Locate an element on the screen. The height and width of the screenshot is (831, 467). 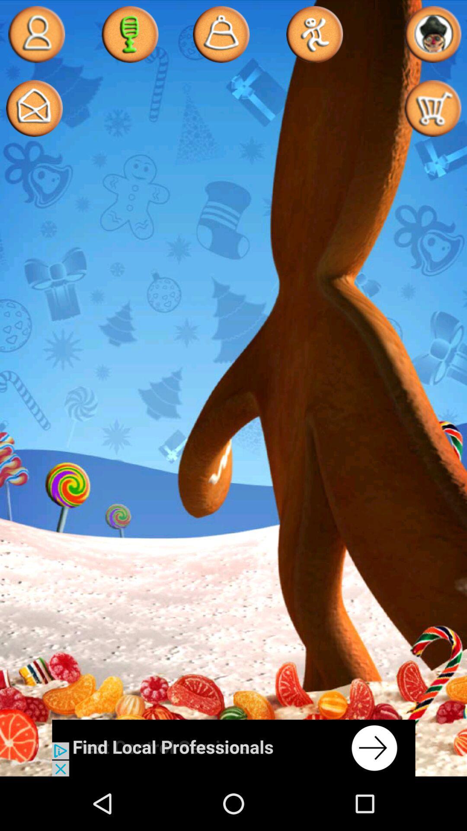
the avatar icon is located at coordinates (36, 36).